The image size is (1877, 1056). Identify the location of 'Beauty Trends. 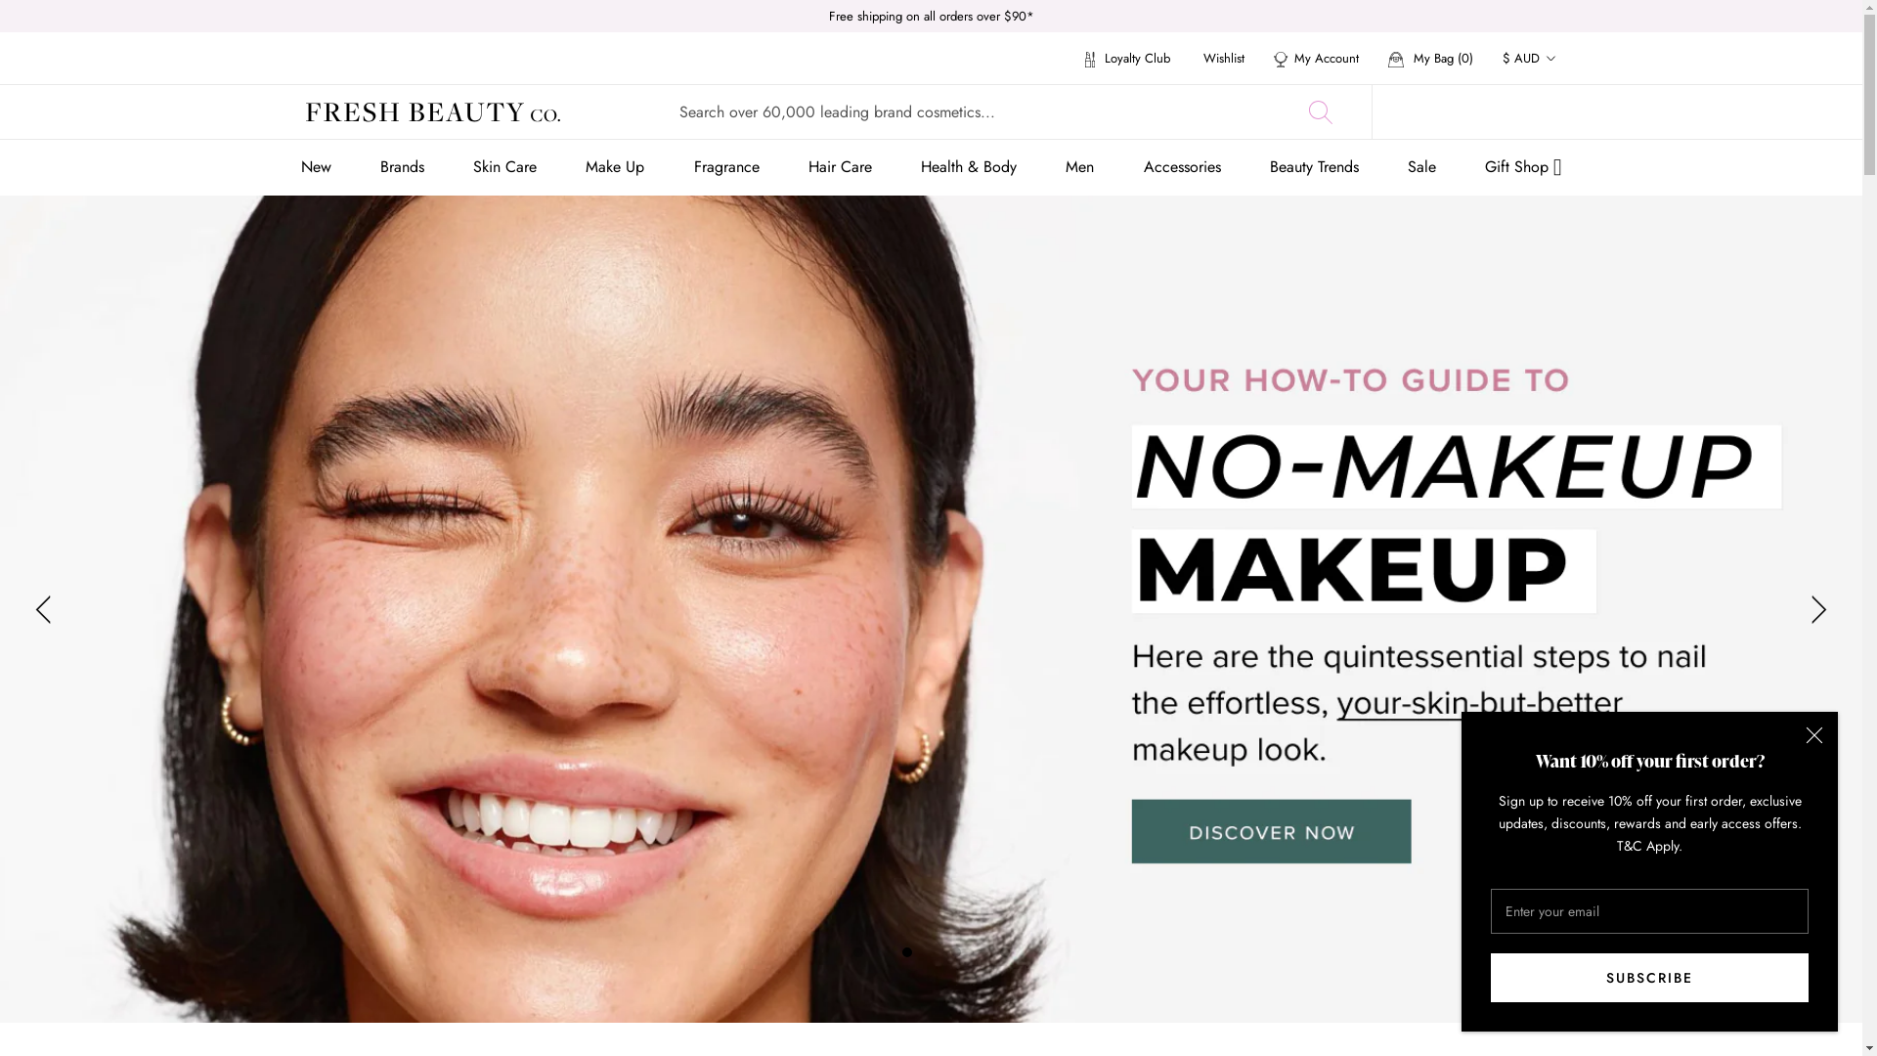
(1314, 165).